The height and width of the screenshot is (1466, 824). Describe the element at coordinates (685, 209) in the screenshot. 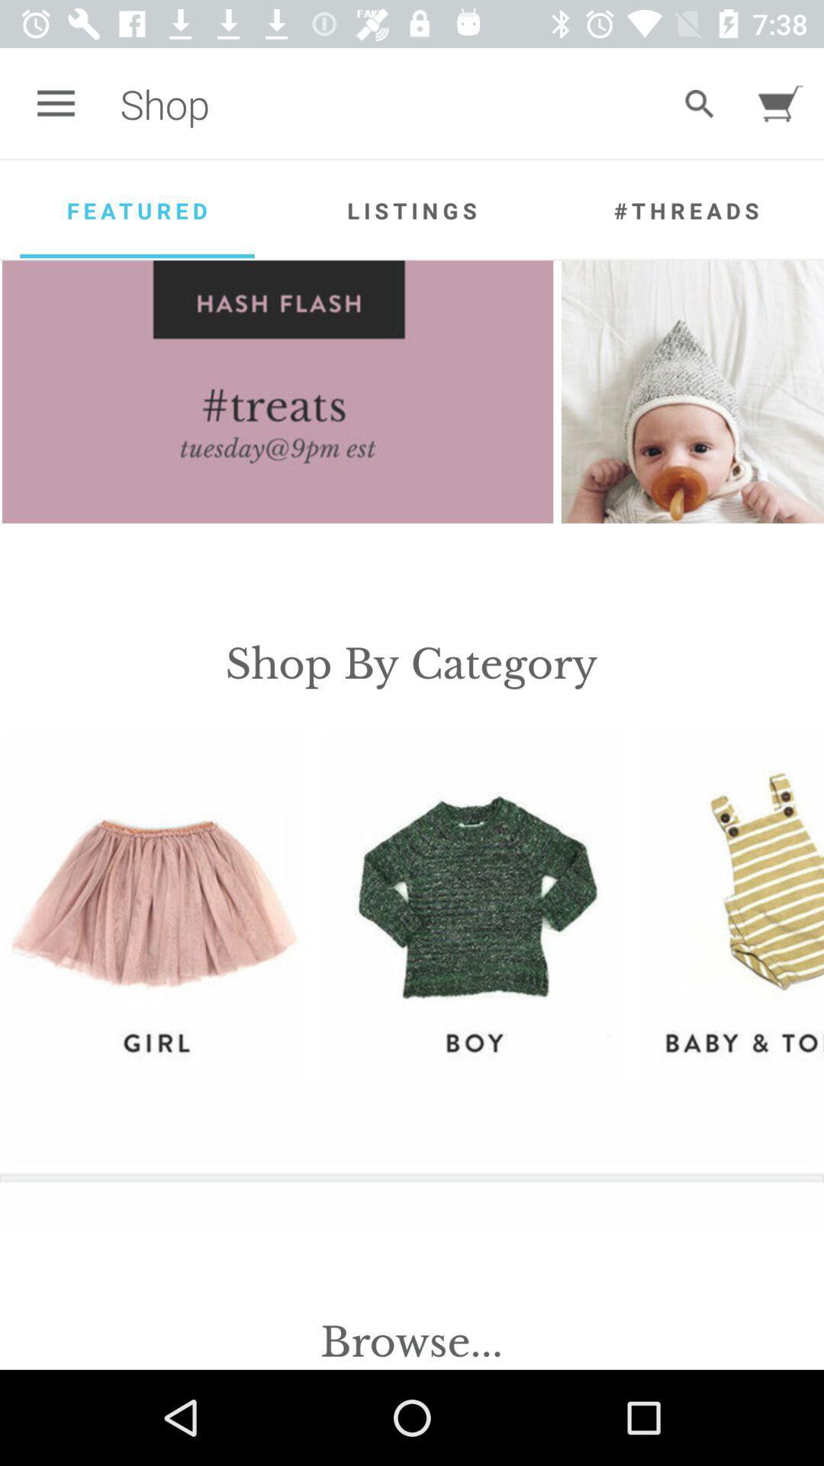

I see `the threads option` at that location.